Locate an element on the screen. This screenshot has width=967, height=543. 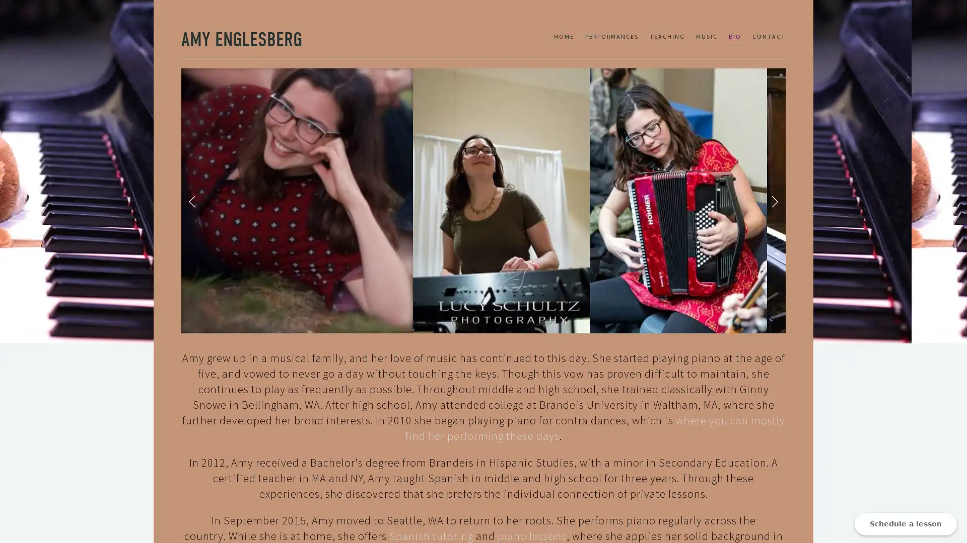
Previous Slide is located at coordinates (192, 200).